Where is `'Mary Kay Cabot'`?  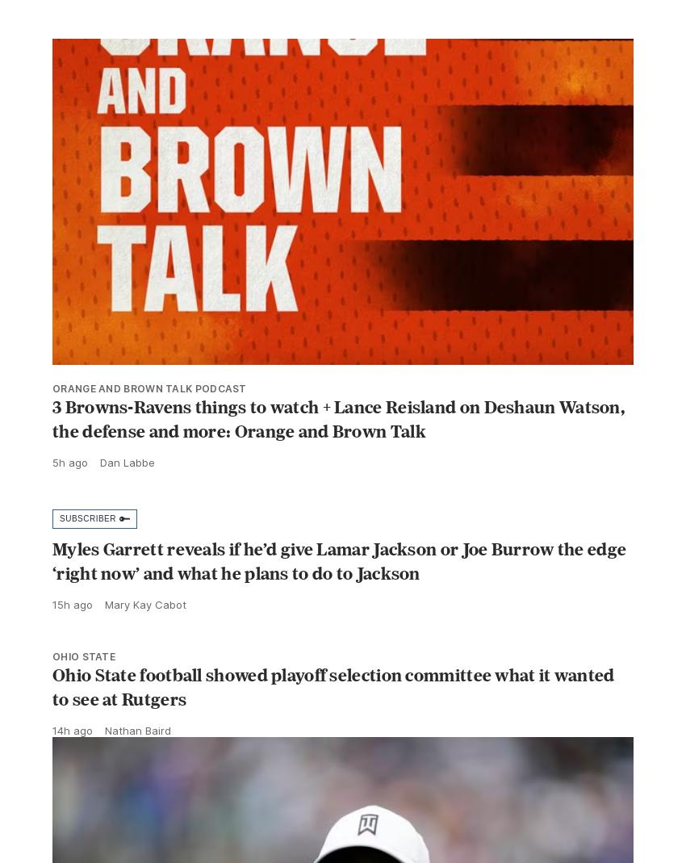 'Mary Kay Cabot' is located at coordinates (104, 639).